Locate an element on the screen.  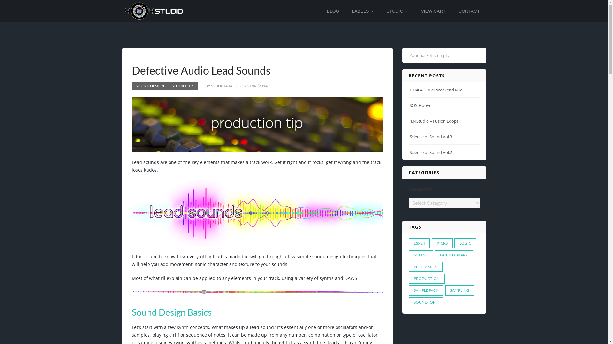
'SAMPLE PACK' is located at coordinates (426, 290).